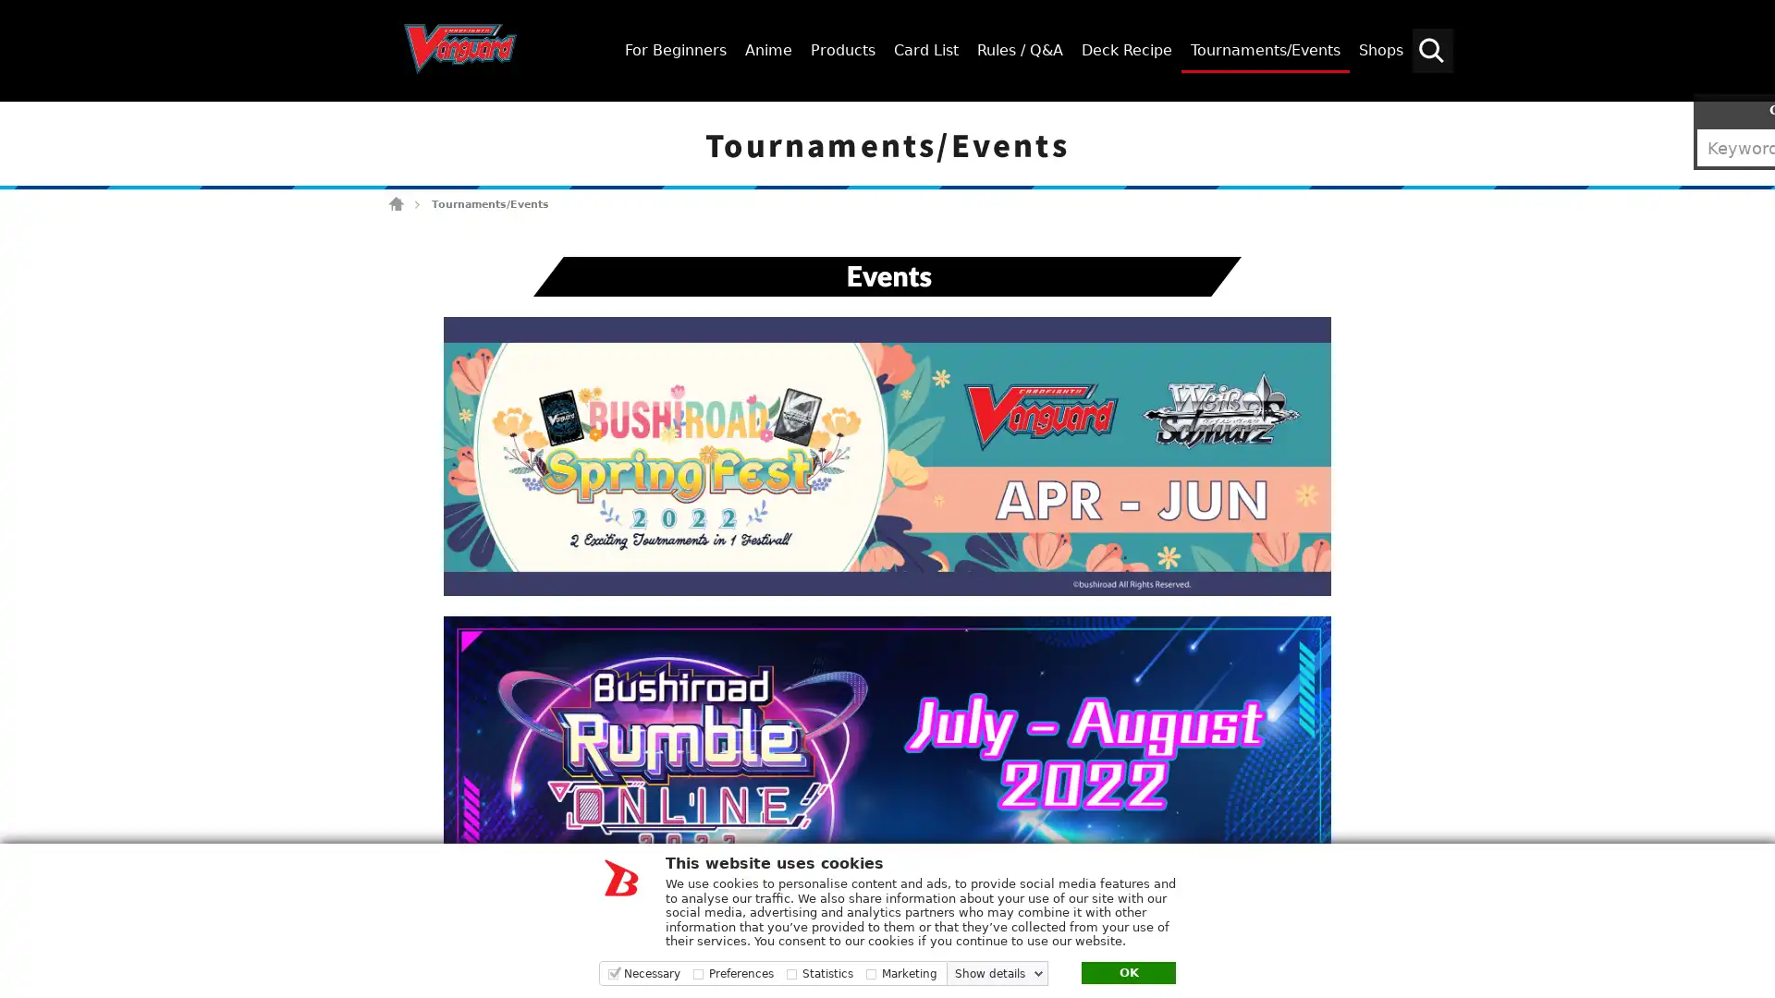 This screenshot has width=1775, height=998. Describe the element at coordinates (1752, 117) in the screenshot. I see `Search` at that location.